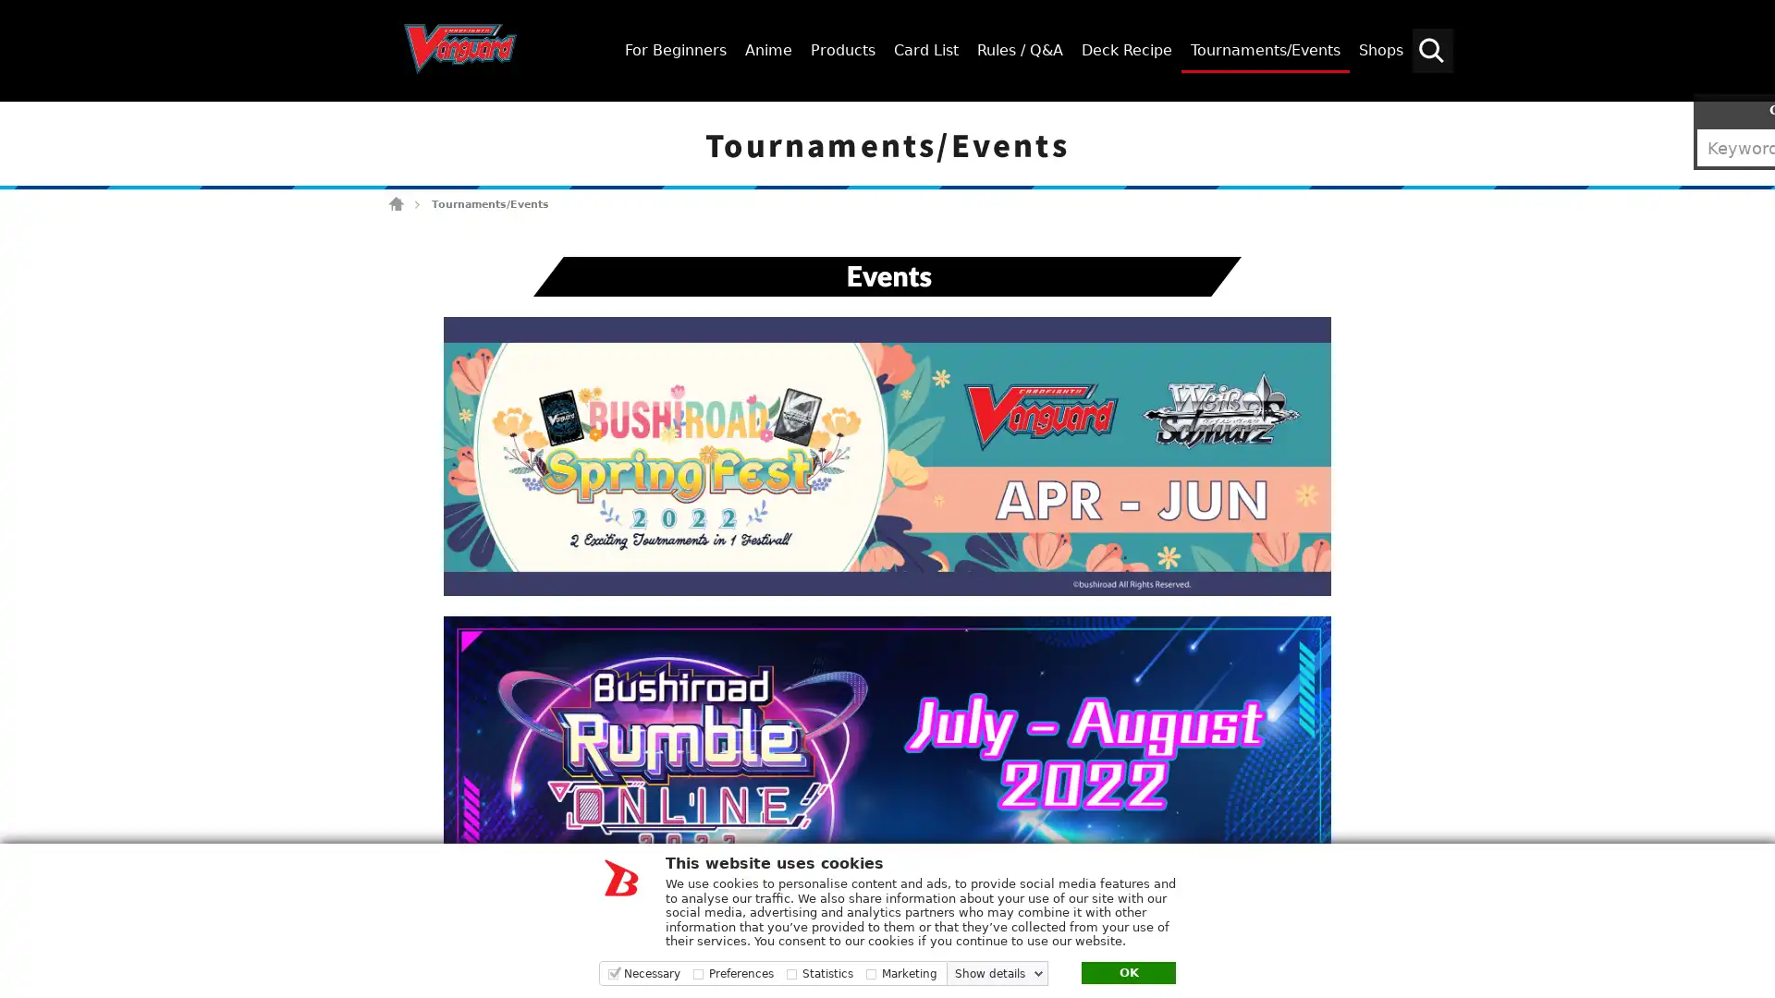 This screenshot has width=1775, height=998. Describe the element at coordinates (1752, 117) in the screenshot. I see `Search` at that location.